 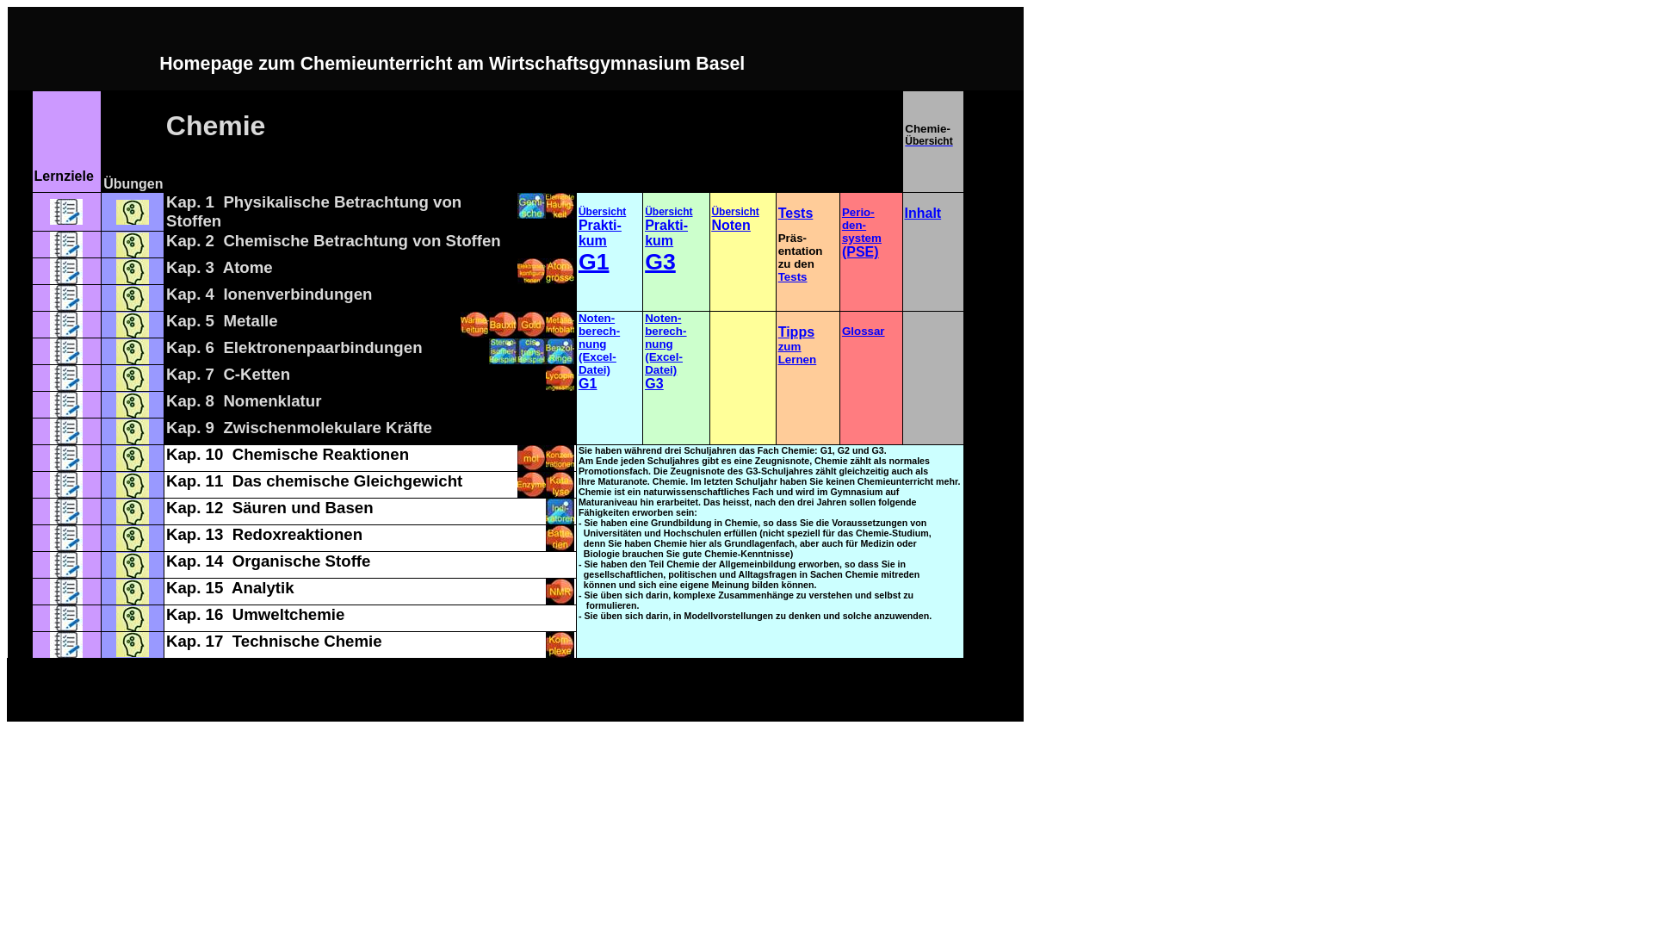 What do you see at coordinates (858, 211) in the screenshot?
I see `'Perio-'` at bounding box center [858, 211].